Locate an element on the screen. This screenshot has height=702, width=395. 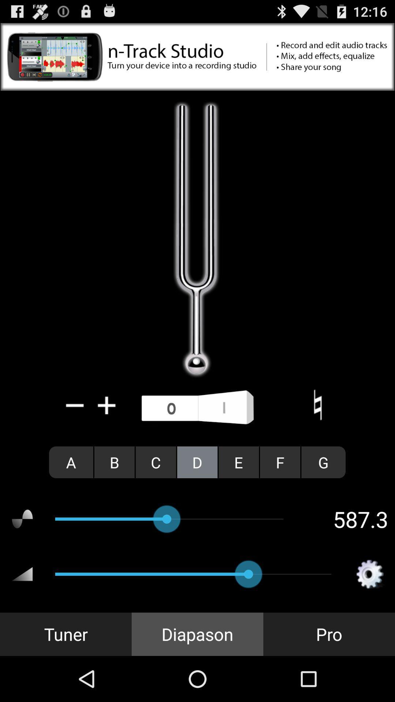
the radio button to the left of the g radio button is located at coordinates (280, 462).